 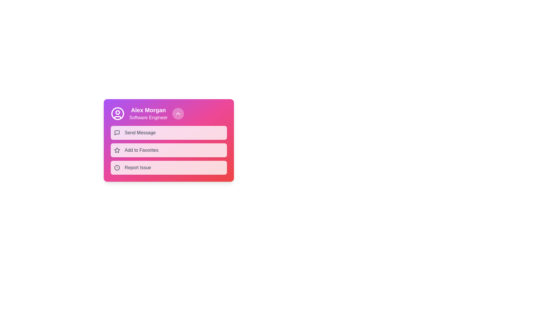 I want to click on the third button in the vertical stack, located below the 'Add to Favorites' button, to initiate reporting an issue, so click(x=168, y=168).